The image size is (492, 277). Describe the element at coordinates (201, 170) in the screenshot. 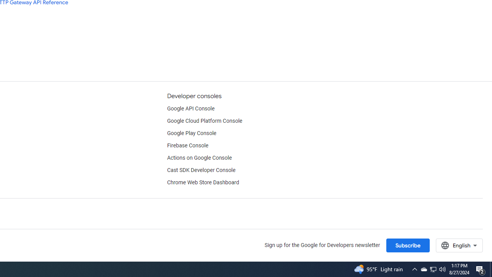

I see `'Cast SDK Developer Console'` at that location.